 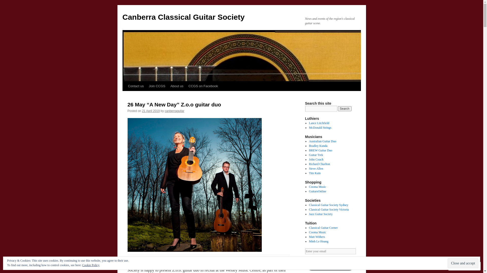 What do you see at coordinates (304, 251) in the screenshot?
I see `'Enter your email'` at bounding box center [304, 251].